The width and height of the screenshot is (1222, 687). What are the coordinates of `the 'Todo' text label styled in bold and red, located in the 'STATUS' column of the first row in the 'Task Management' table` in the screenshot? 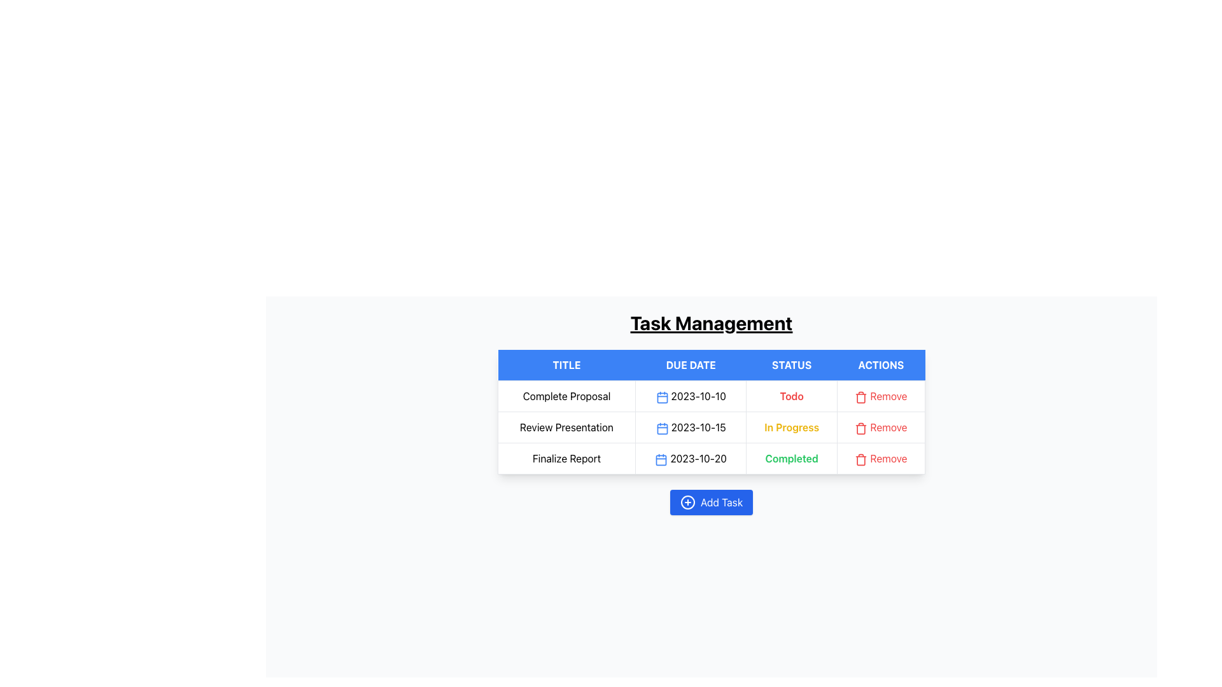 It's located at (791, 396).